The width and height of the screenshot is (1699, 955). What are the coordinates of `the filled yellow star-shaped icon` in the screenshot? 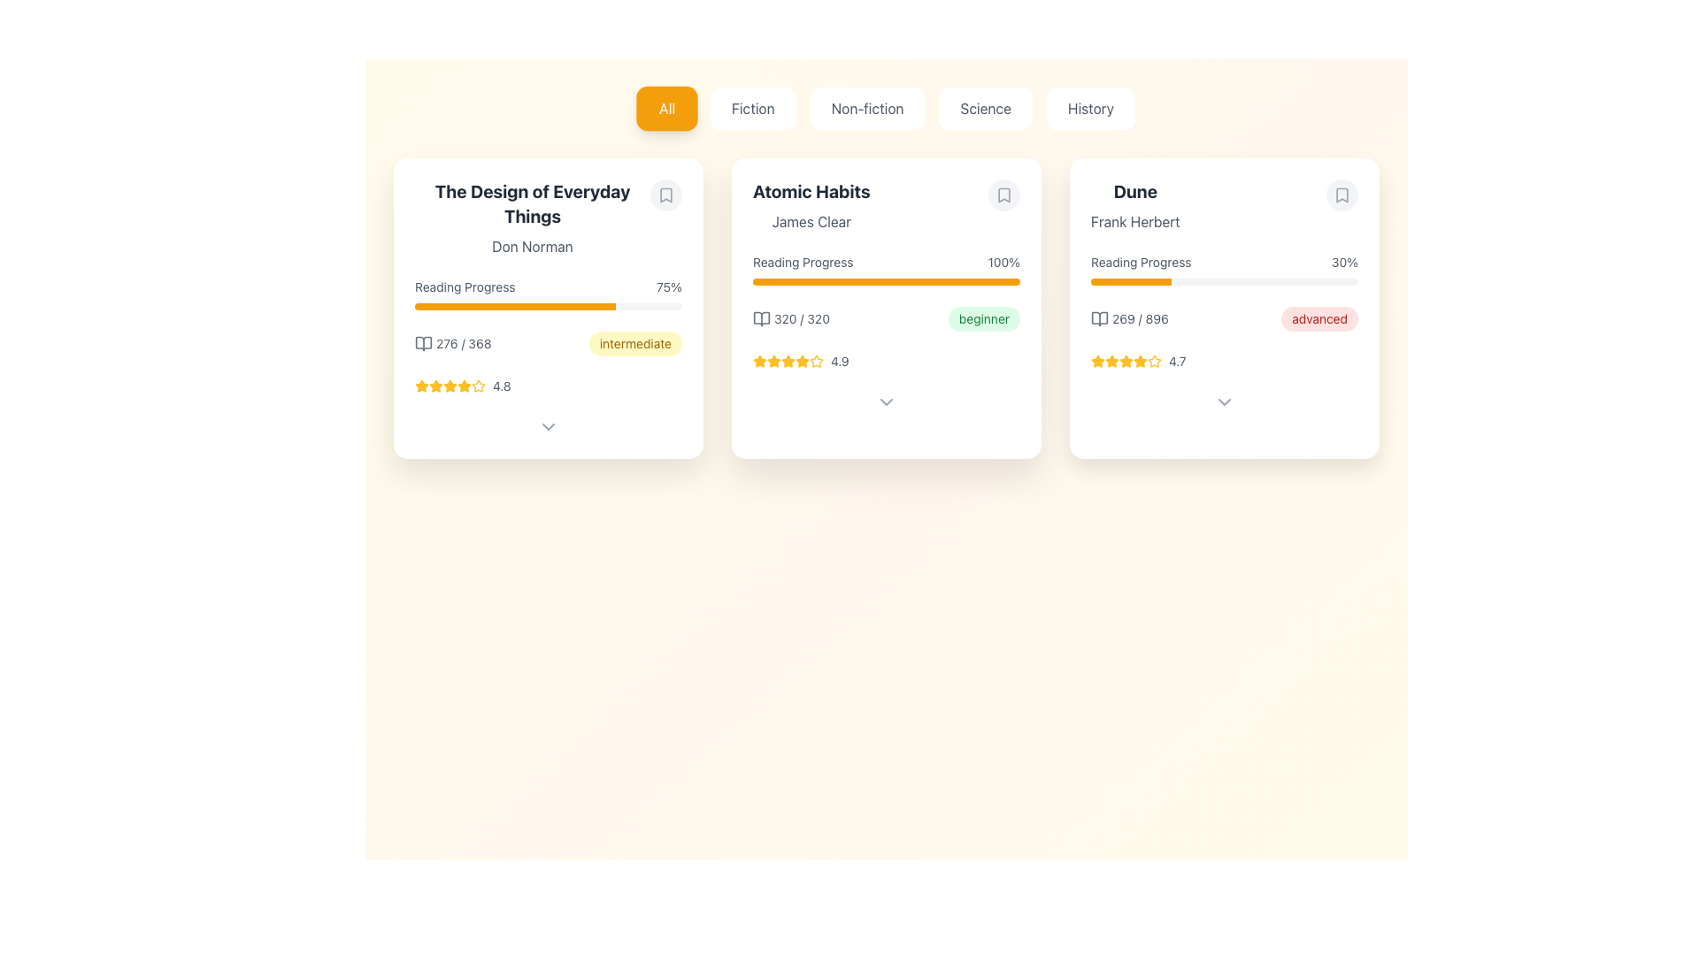 It's located at (788, 360).